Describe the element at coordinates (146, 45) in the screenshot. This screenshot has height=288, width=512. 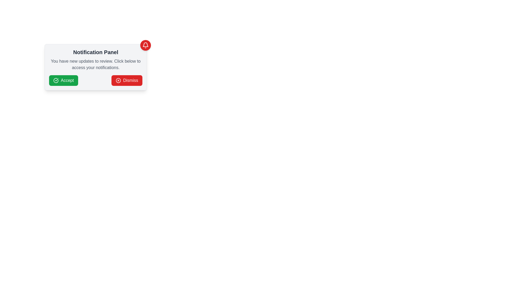
I see `the Notification badge located at the top-right of the notification panel, which serves as an indicator for notifications` at that location.